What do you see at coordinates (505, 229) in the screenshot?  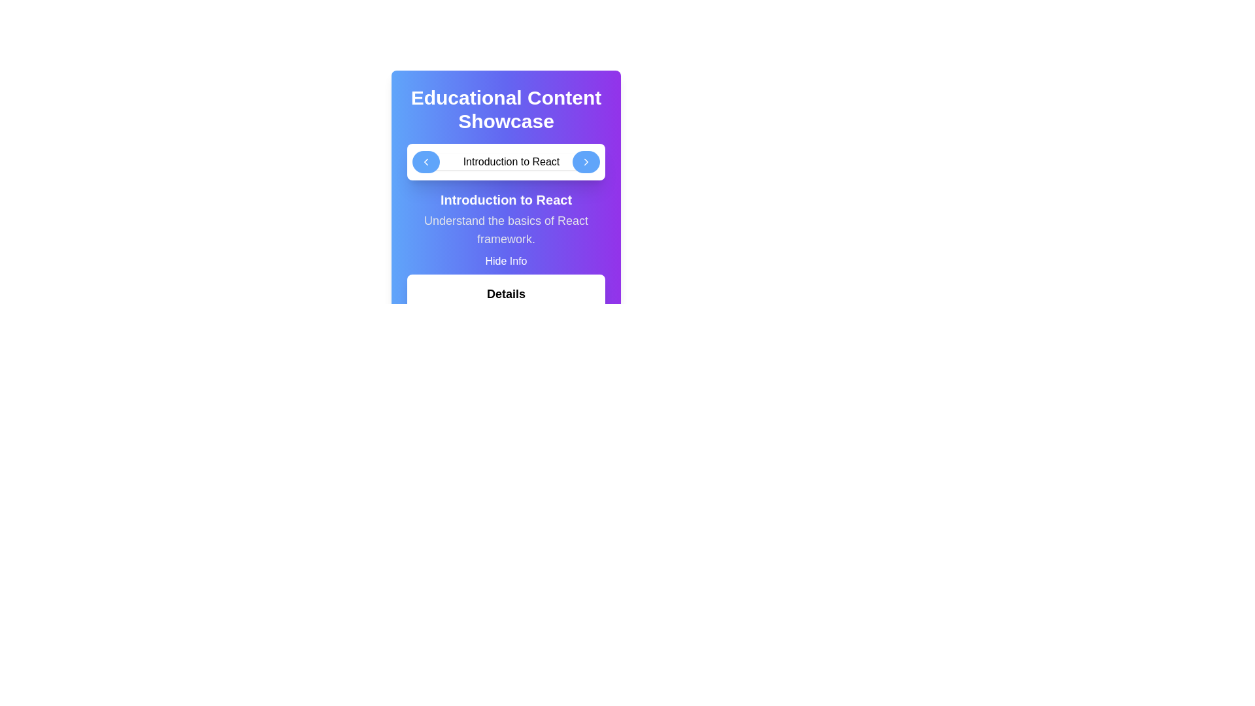 I see `the text block containing 'Understand the basics of React framework.', which is styled with a large font size and grayish color, positioned beneath the 'Introduction to React' header` at bounding box center [505, 229].